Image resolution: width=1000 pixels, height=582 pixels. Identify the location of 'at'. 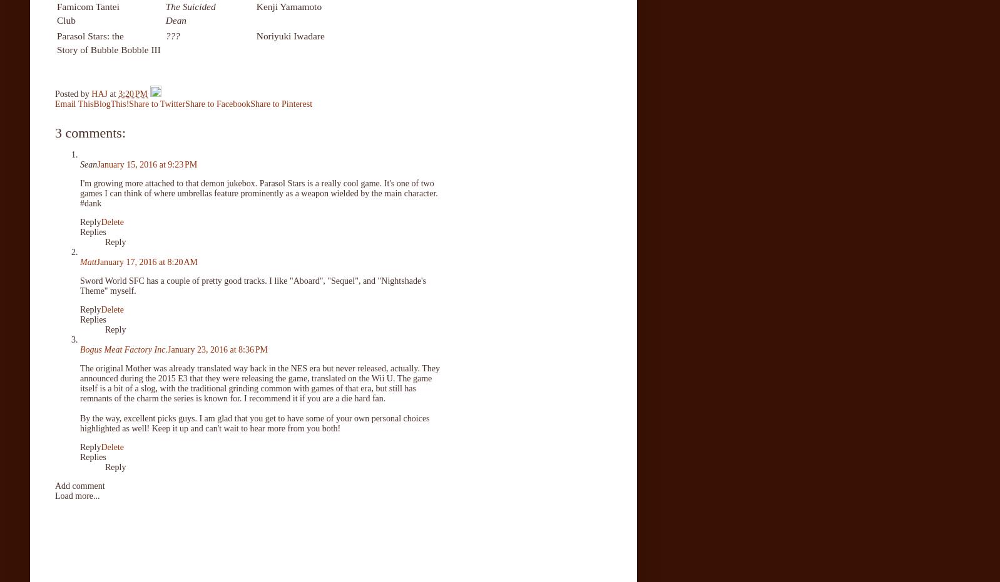
(113, 93).